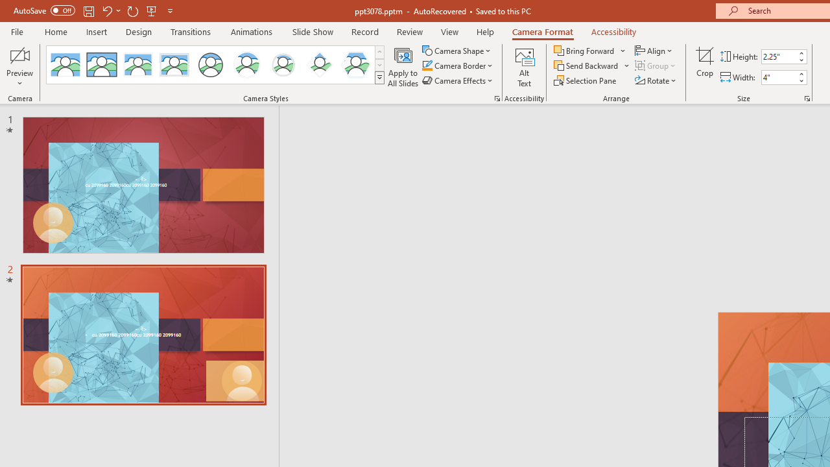 The image size is (830, 467). What do you see at coordinates (458, 66) in the screenshot?
I see `'Camera Border'` at bounding box center [458, 66].